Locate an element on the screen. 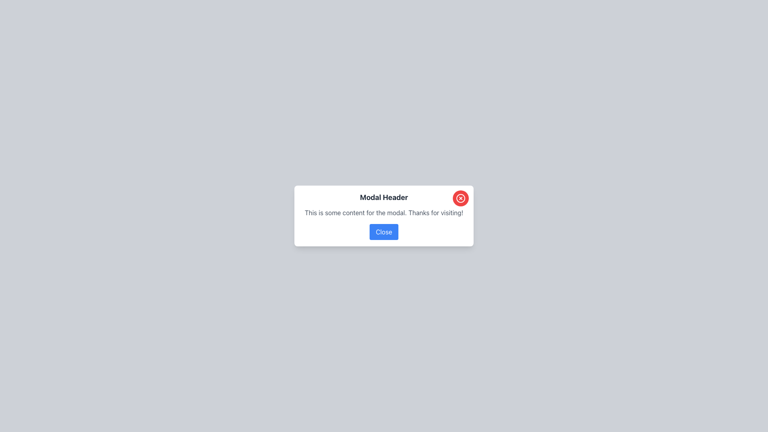 This screenshot has height=432, width=768. the close button located at the top-right corner of the modal window with the header 'Modal Header' is located at coordinates (461, 198).